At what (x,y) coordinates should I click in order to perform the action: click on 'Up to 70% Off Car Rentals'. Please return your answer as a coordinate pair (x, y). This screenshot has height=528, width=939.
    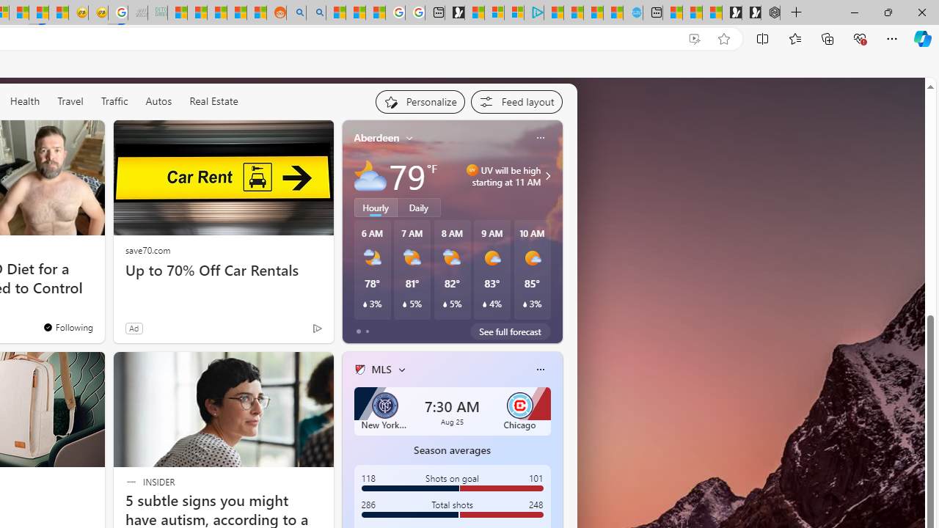
    Looking at the image, I should click on (222, 270).